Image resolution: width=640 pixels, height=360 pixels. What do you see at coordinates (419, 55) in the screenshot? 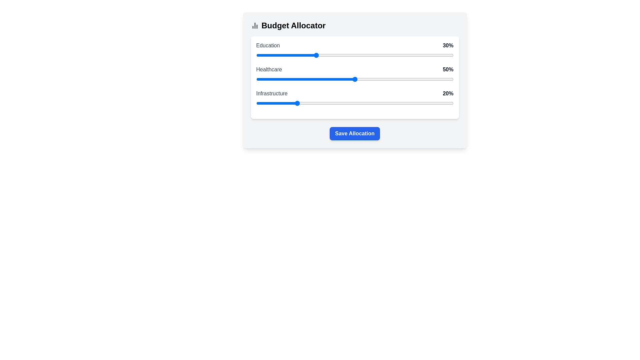
I see `the education slider` at bounding box center [419, 55].